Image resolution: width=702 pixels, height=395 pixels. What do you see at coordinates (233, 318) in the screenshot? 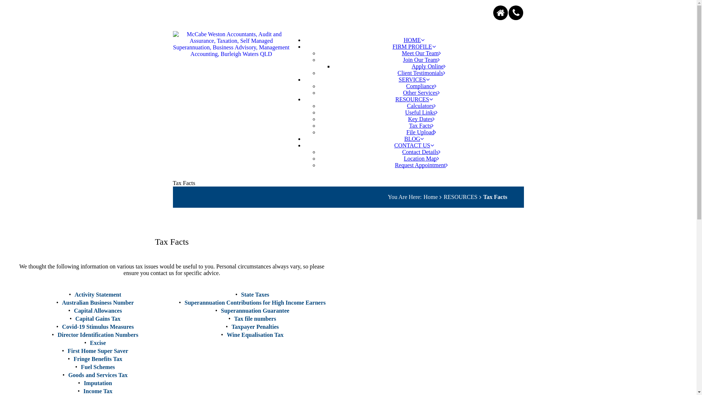
I see `'Tax file numbers'` at bounding box center [233, 318].